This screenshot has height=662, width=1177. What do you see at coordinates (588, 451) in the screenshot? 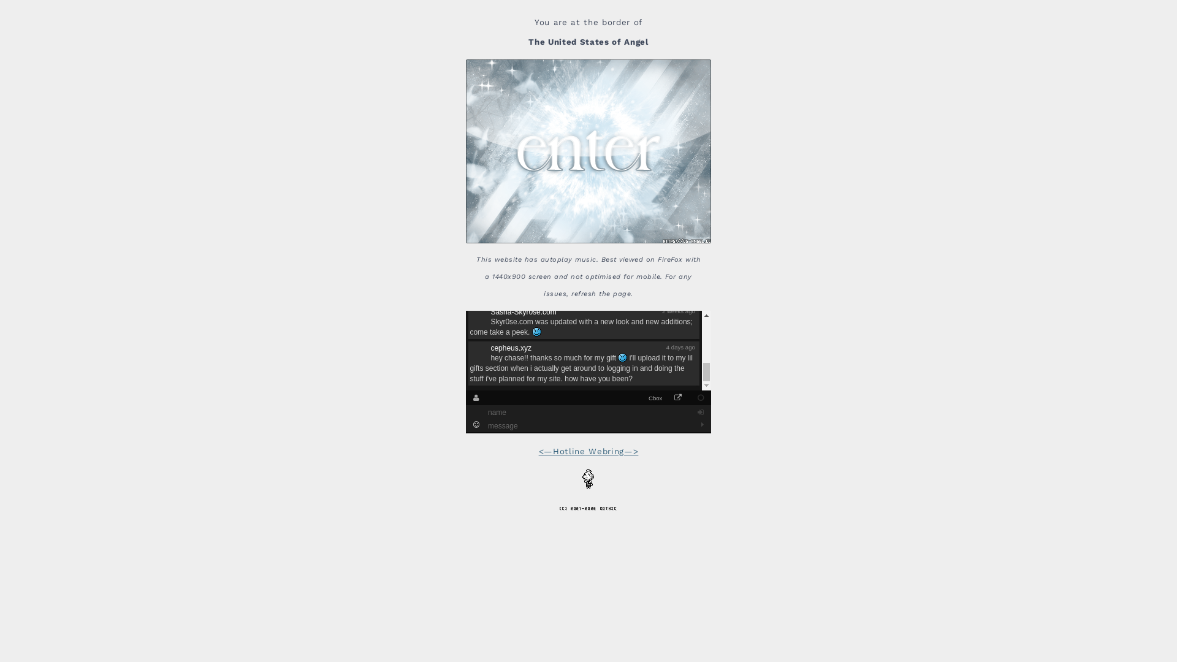
I see `'Hotline Webring'` at bounding box center [588, 451].